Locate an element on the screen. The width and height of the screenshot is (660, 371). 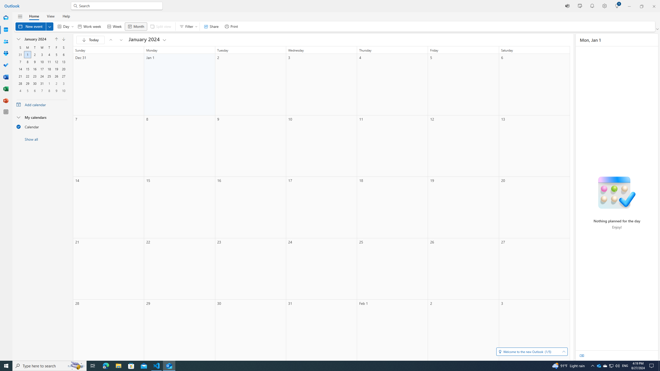
'Month' is located at coordinates (136, 26).